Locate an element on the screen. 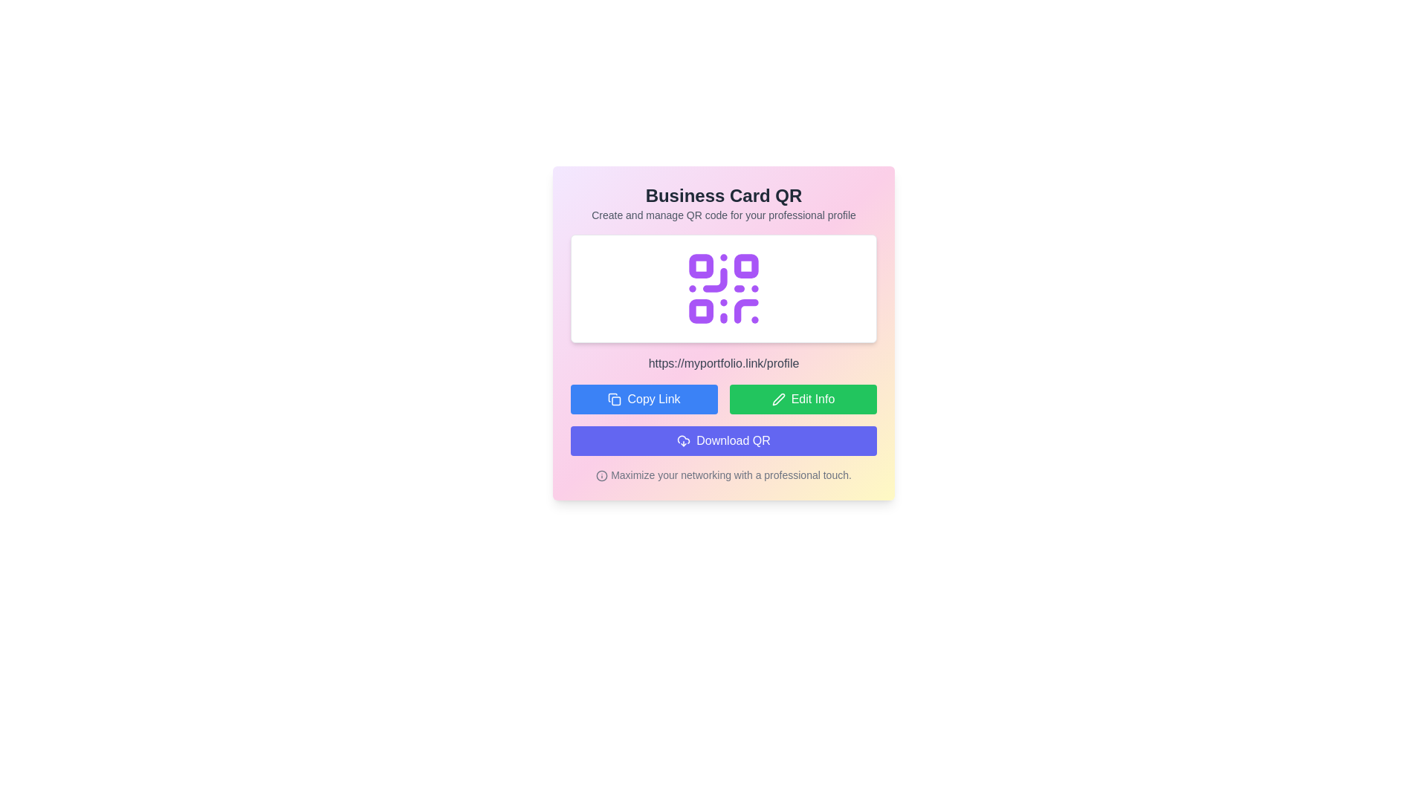 The image size is (1427, 802). the editing icon located on the left-most side of the 'Edit Info' button, which is centrally positioned in the lower section of the card interface is located at coordinates (777, 398).